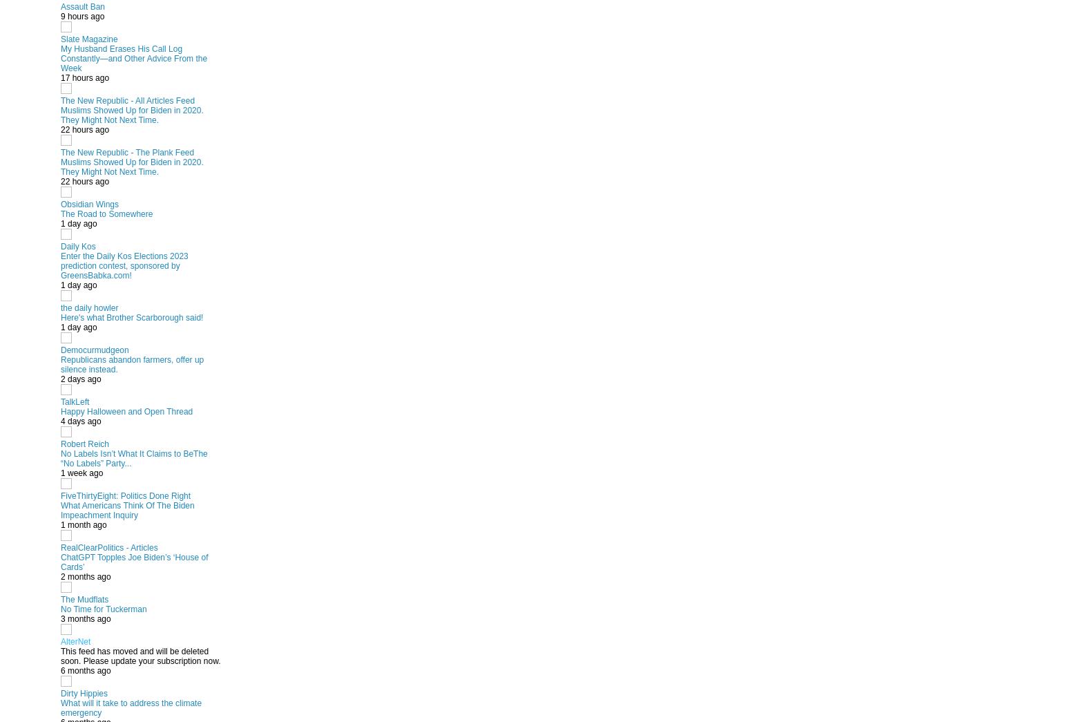 The image size is (1076, 722). I want to click on 'TalkLeft', so click(74, 401).